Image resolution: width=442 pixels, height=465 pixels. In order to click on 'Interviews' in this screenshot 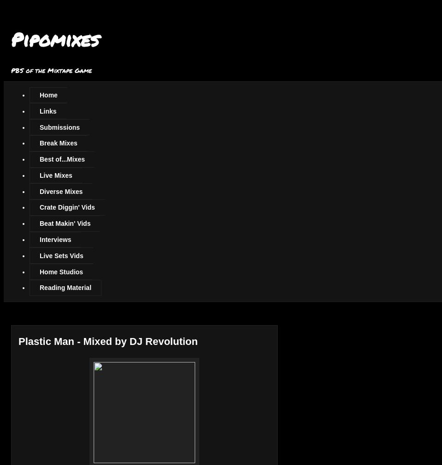, I will do `click(55, 239)`.